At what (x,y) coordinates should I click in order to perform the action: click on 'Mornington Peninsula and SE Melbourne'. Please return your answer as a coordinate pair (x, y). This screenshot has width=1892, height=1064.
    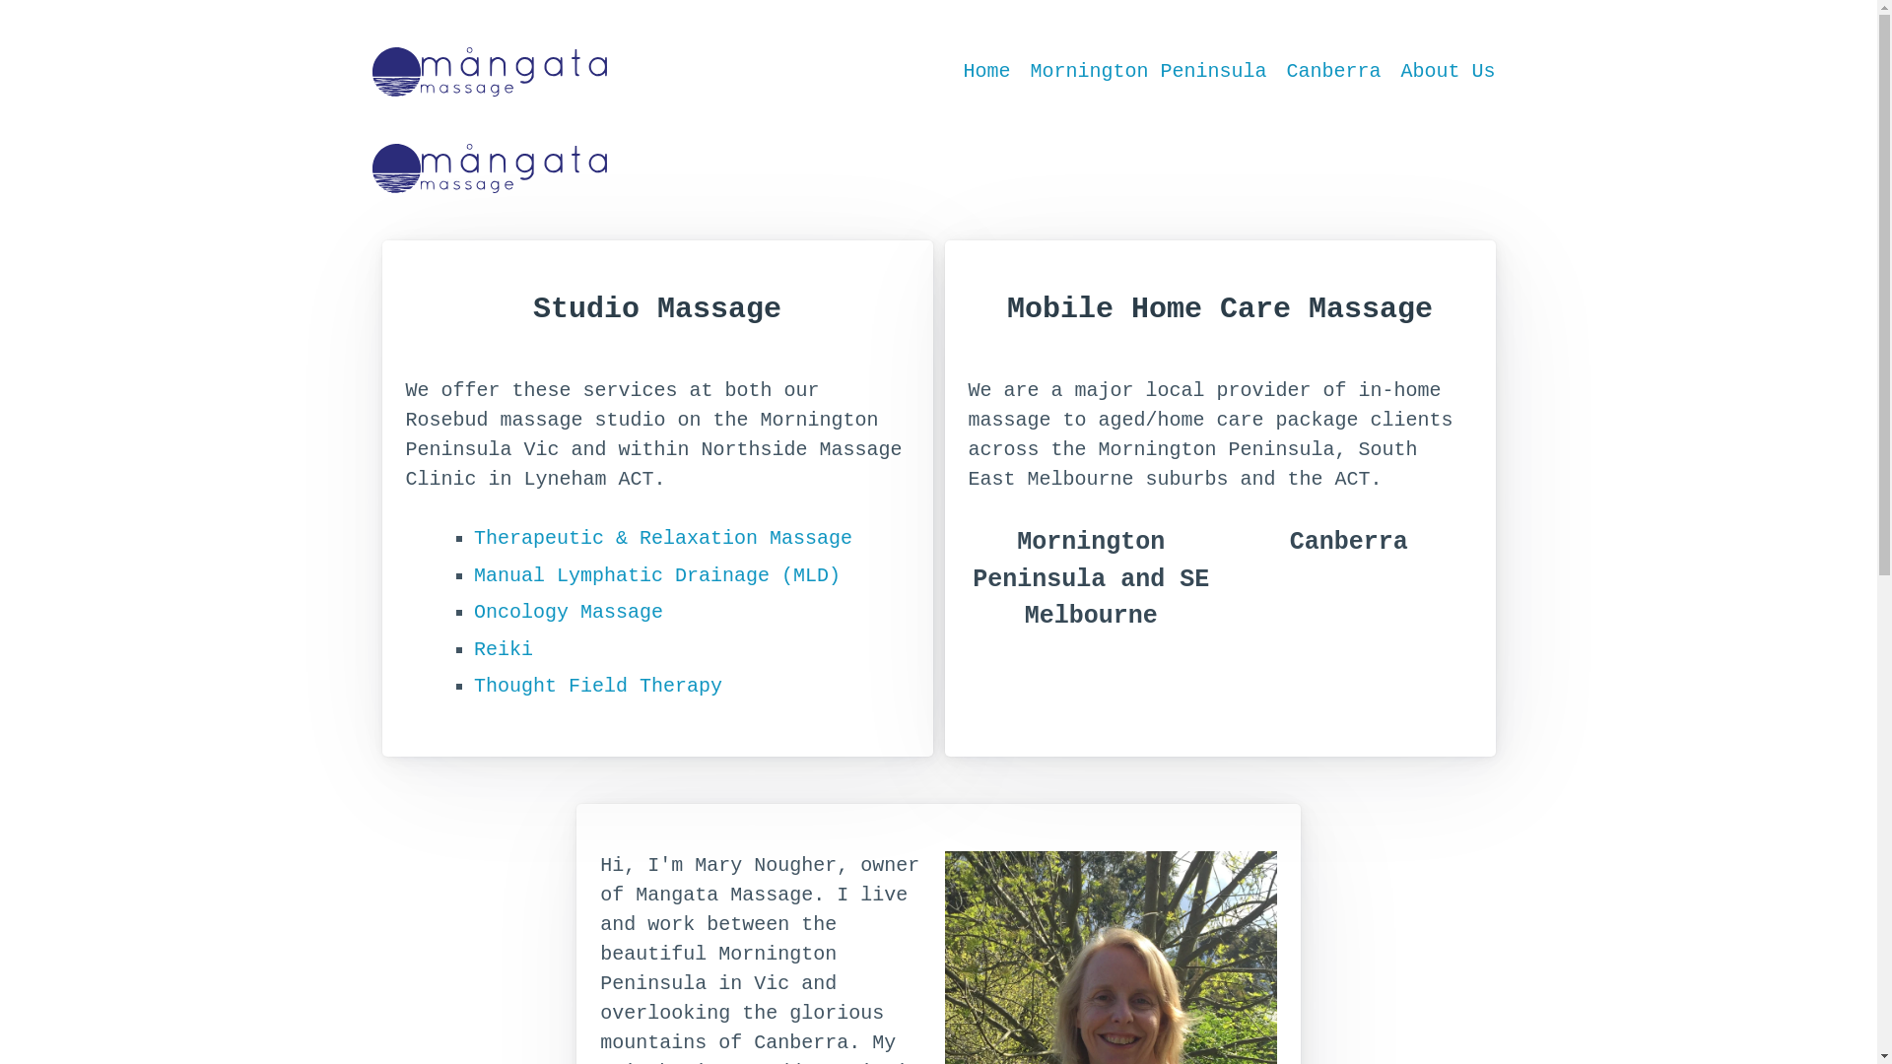
    Looking at the image, I should click on (1090, 596).